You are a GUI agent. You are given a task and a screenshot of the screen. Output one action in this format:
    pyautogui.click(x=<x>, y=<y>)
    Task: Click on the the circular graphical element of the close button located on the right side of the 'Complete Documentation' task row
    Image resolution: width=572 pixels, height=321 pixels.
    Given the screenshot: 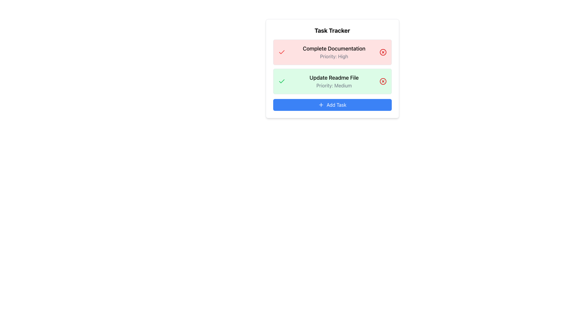 What is the action you would take?
    pyautogui.click(x=383, y=52)
    